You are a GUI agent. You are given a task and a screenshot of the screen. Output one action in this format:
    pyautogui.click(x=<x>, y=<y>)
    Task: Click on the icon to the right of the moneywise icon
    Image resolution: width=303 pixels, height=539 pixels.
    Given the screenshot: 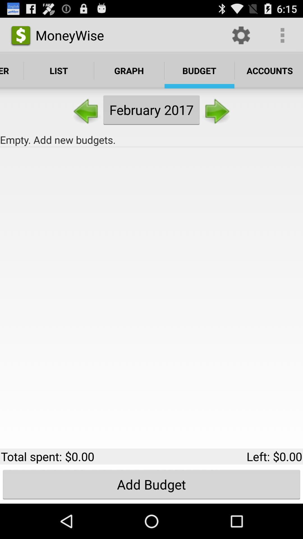 What is the action you would take?
    pyautogui.click(x=241, y=35)
    